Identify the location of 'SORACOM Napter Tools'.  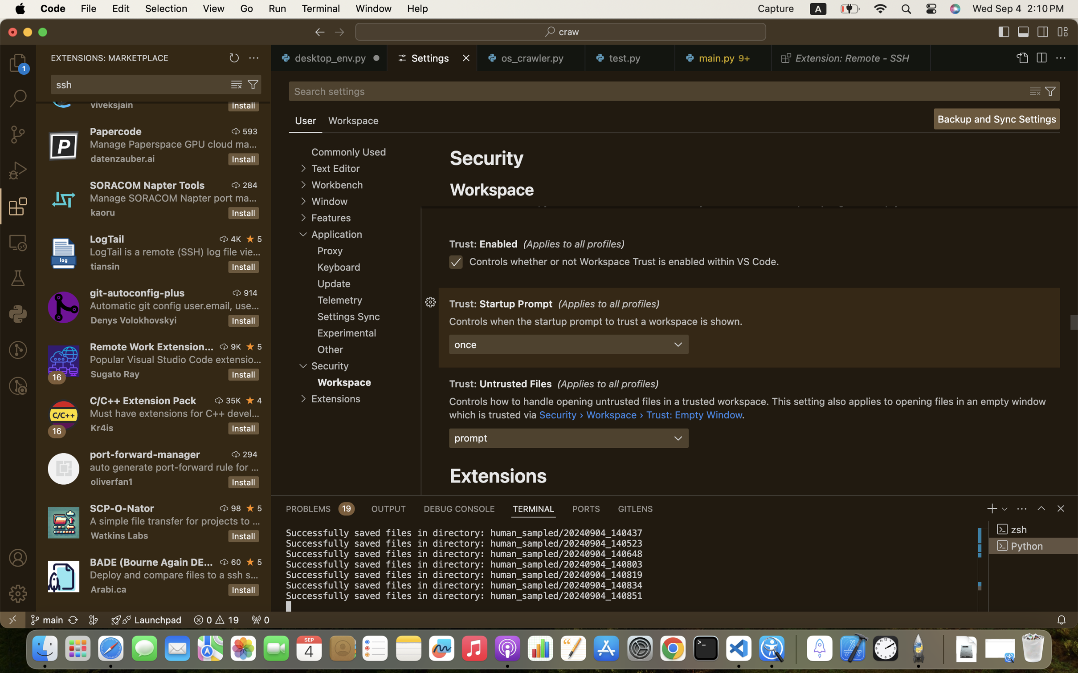
(147, 185).